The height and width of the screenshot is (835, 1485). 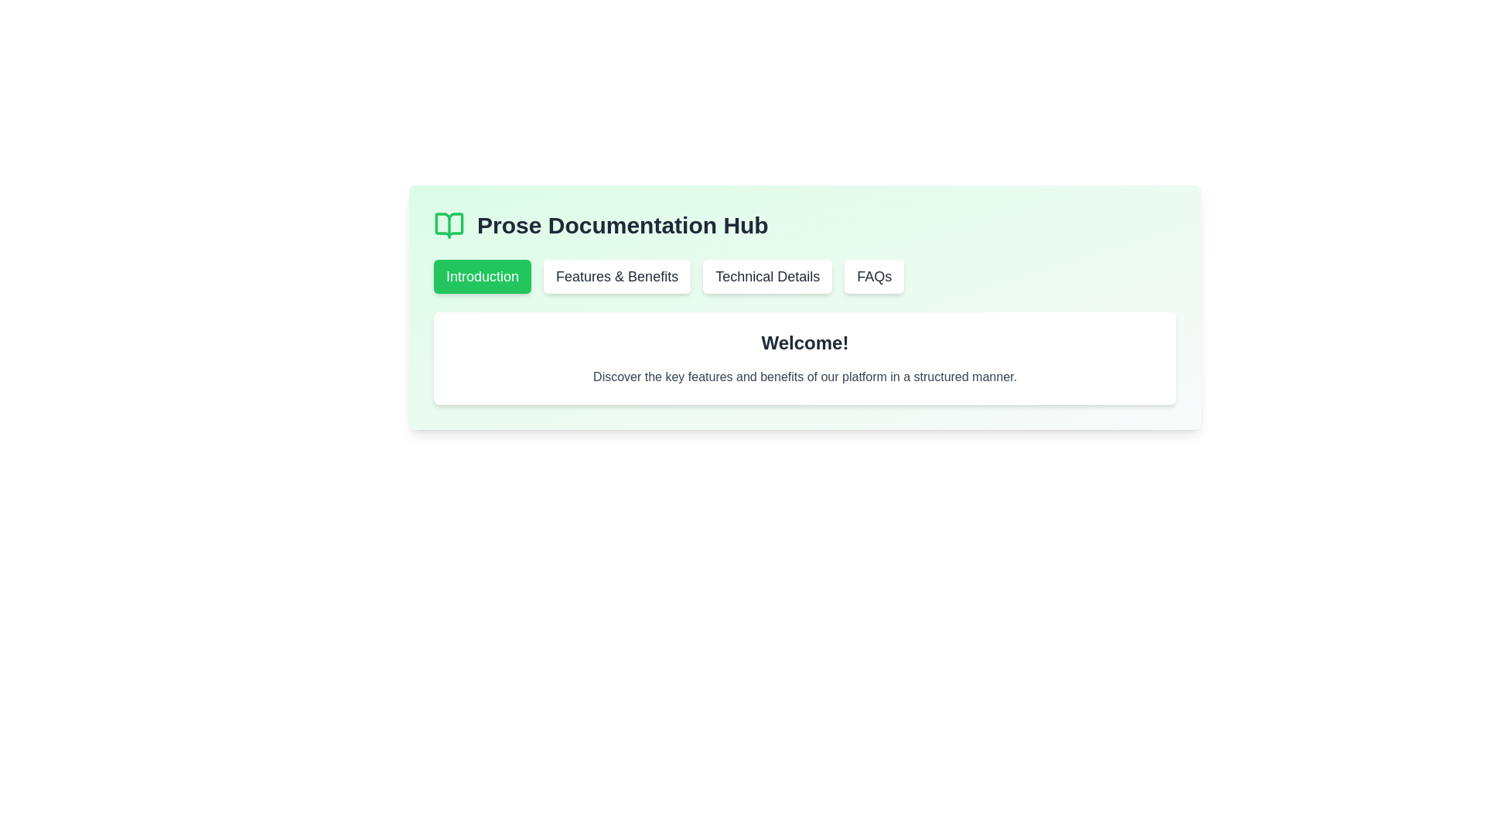 I want to click on the interactive tab selector button for 'Features & Benefits', which is the second button in a horizontal row of four, to trigger a hover effect, so click(x=616, y=276).